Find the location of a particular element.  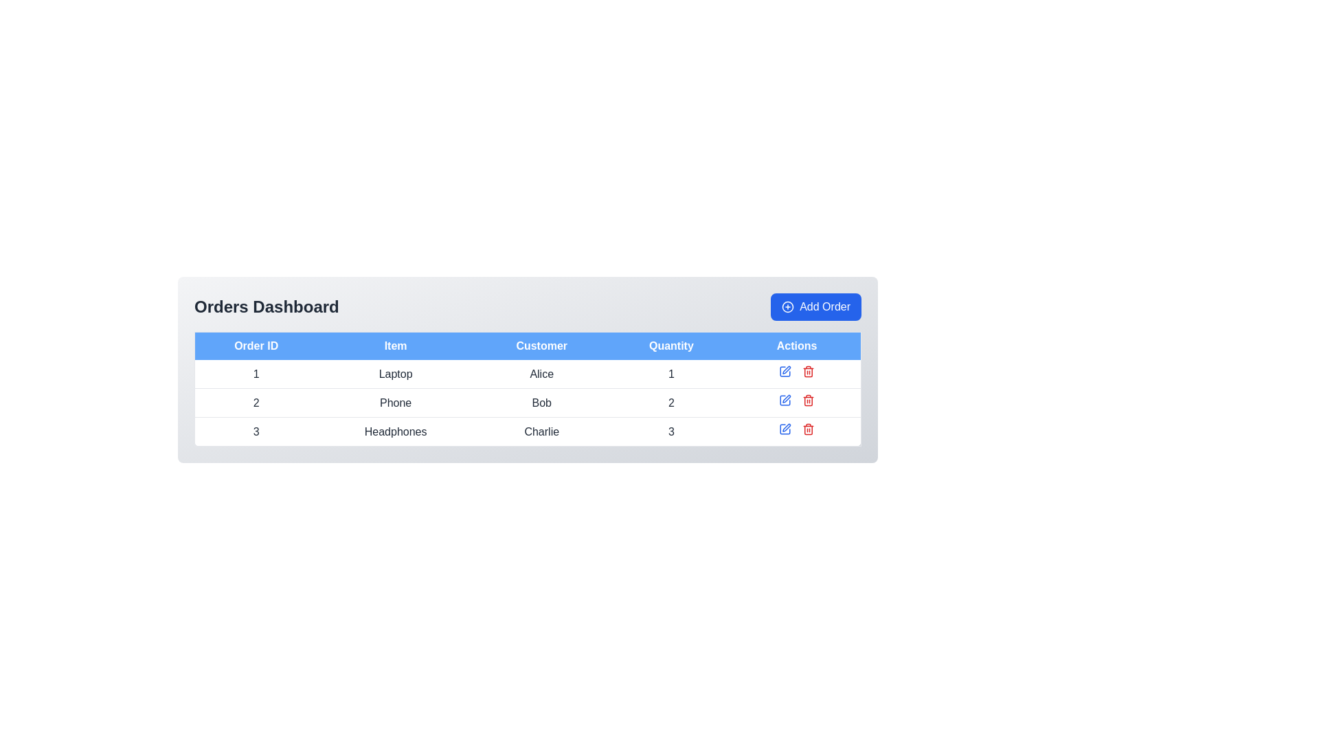

text content of the 'Charlie' text element located in the third row of the table under the 'Customer' column is located at coordinates (541, 431).